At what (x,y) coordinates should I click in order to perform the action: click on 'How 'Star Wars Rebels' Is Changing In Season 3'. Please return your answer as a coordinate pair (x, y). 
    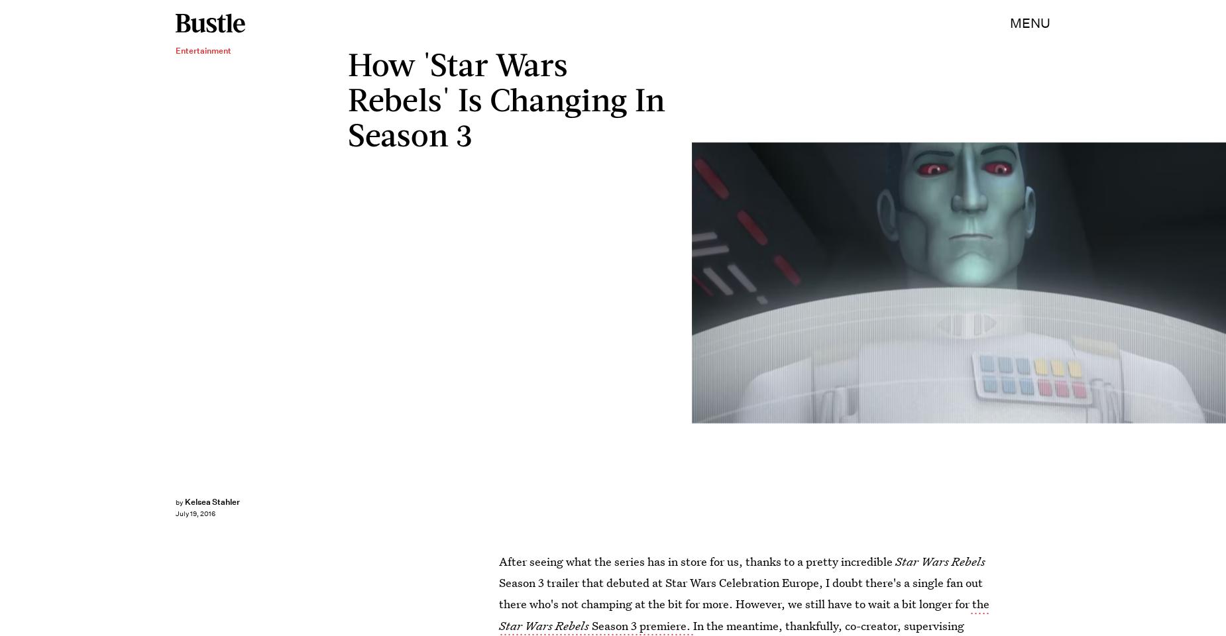
    Looking at the image, I should click on (347, 97).